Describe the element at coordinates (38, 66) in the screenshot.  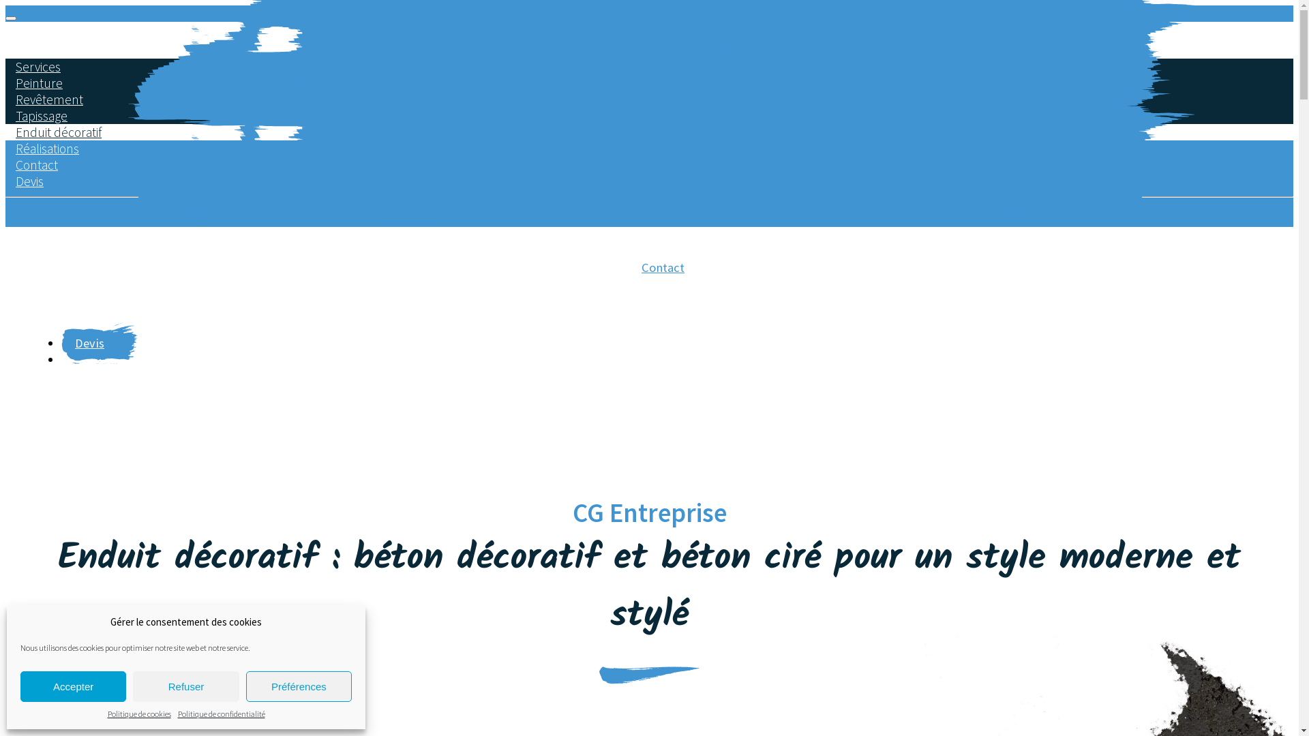
I see `'Services'` at that location.